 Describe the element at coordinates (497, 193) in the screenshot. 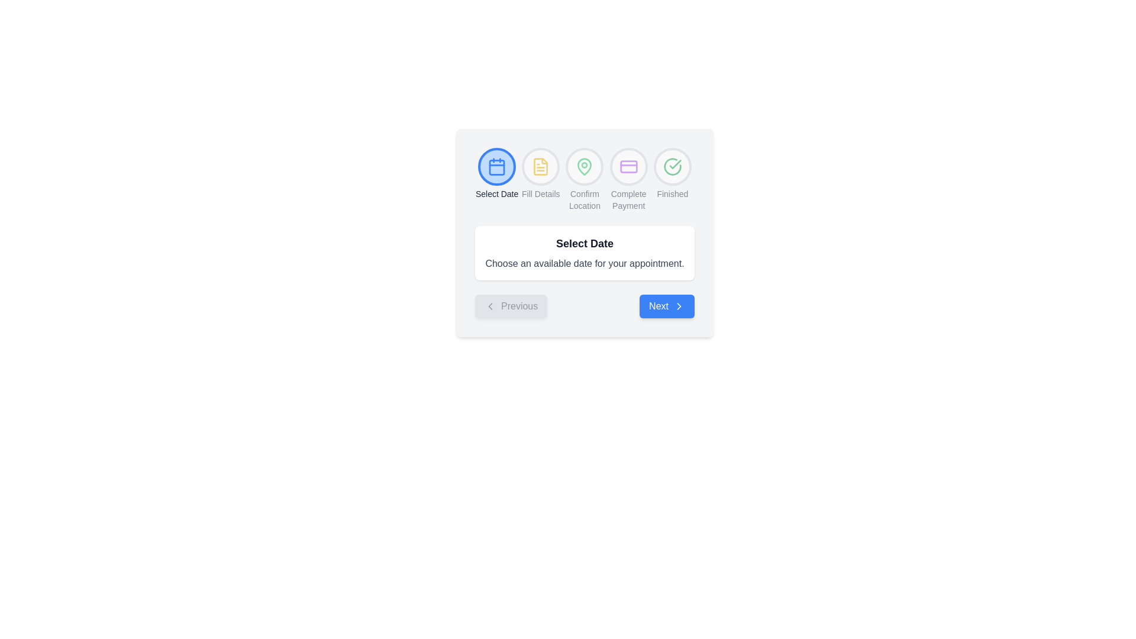

I see `descriptive label that instructs the user to 'Select Date', located directly below the blue calendar icon in the selection interface` at that location.